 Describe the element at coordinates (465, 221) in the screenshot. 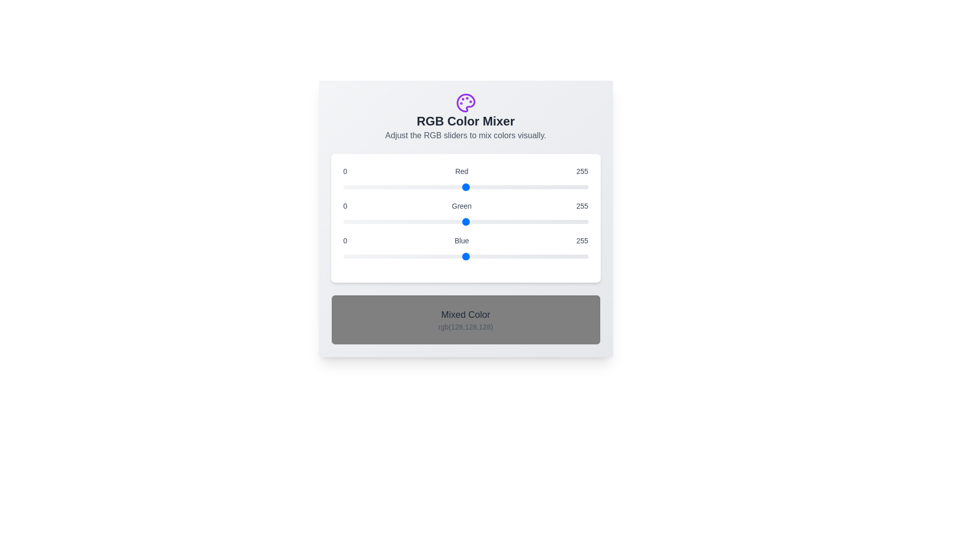

I see `the 1 slider to the value 146 to observe the resulting mixed color` at that location.